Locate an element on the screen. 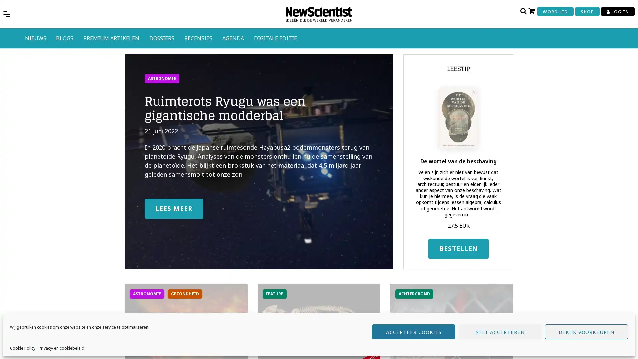 The width and height of the screenshot is (638, 359). Open zoekbalk is located at coordinates (523, 11).